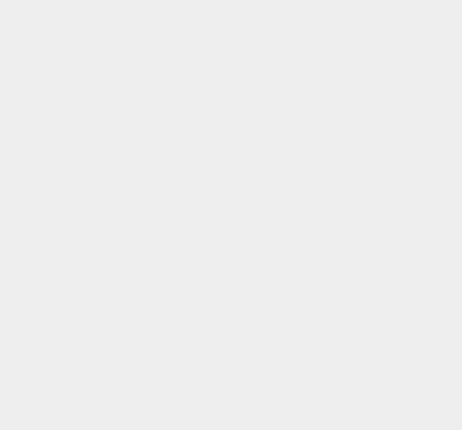 The width and height of the screenshot is (462, 430). What do you see at coordinates (342, 89) in the screenshot?
I see `'OS X 10.10.1'` at bounding box center [342, 89].